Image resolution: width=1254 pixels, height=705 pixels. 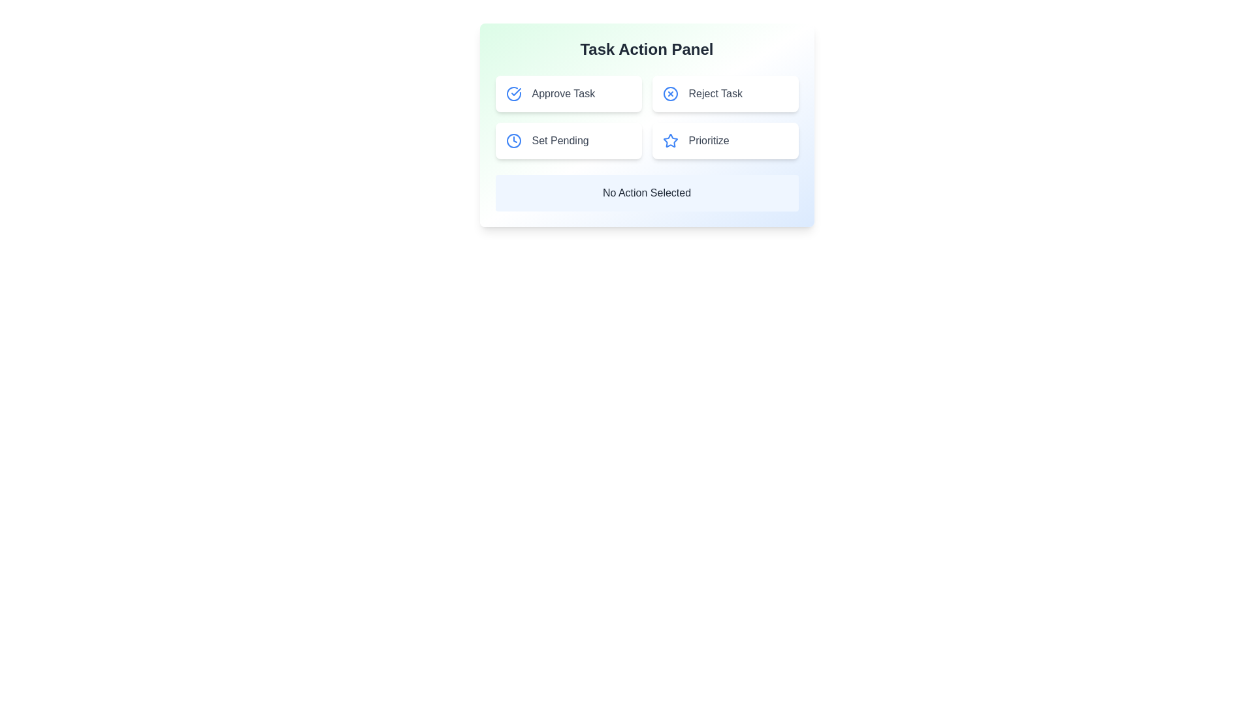 What do you see at coordinates (670, 93) in the screenshot?
I see `the icon representing the 'Reject Task' functionality, which is located to the left of the 'Reject Task' text inside the button on the right side of the Task Action Panel` at bounding box center [670, 93].